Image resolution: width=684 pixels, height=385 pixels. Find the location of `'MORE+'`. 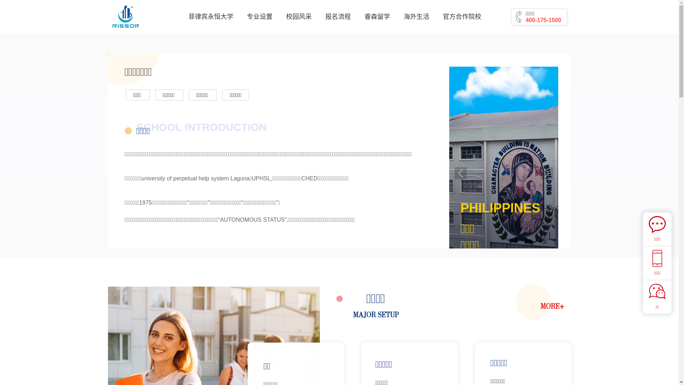

'MORE+' is located at coordinates (551, 306).